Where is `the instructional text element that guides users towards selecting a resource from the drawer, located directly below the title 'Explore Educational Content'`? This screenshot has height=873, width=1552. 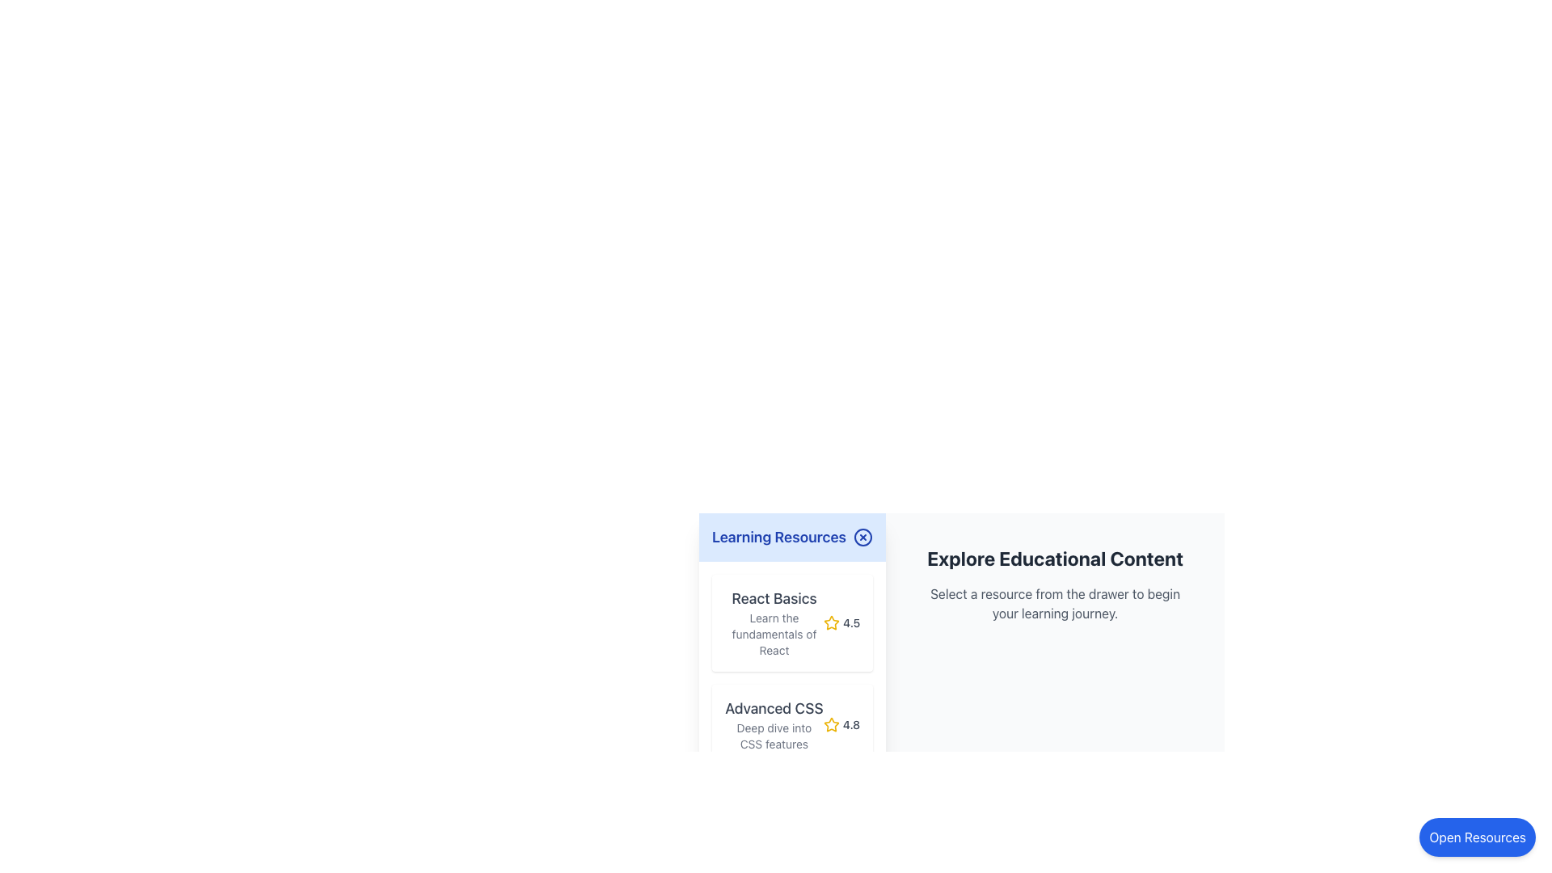 the instructional text element that guides users towards selecting a resource from the drawer, located directly below the title 'Explore Educational Content' is located at coordinates (1055, 604).